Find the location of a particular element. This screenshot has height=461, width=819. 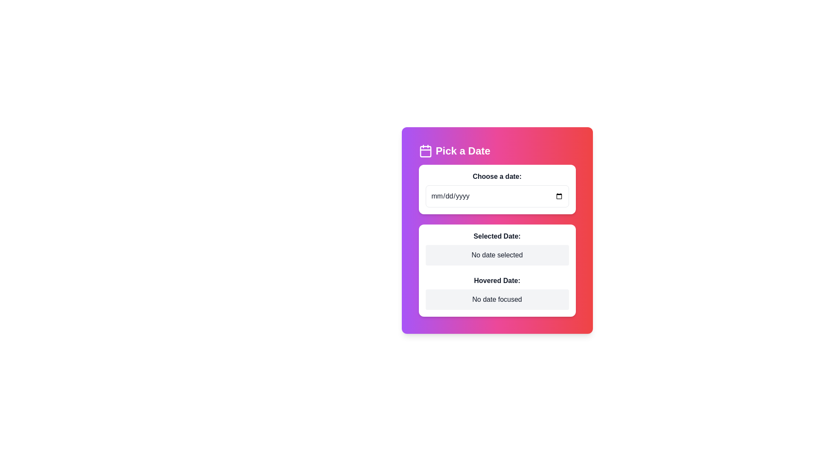

the calendar icon located to the left of the 'Pick a Date' text, which features a purple fill and a rectangular outline with rounded corners is located at coordinates (425, 151).